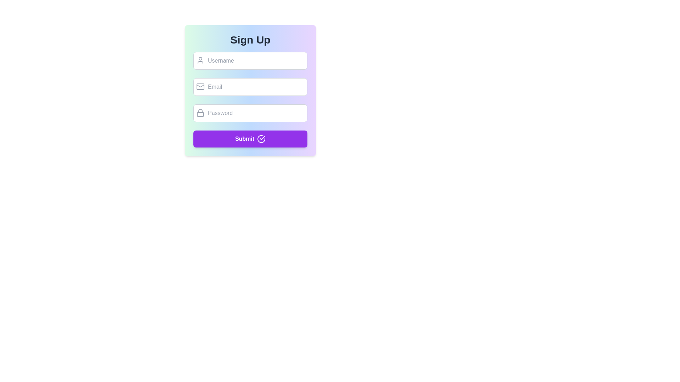 This screenshot has width=680, height=382. What do you see at coordinates (250, 60) in the screenshot?
I see `the text within the username text input field located under the 'Sign Up' heading, which has the placeholder text 'Username'` at bounding box center [250, 60].